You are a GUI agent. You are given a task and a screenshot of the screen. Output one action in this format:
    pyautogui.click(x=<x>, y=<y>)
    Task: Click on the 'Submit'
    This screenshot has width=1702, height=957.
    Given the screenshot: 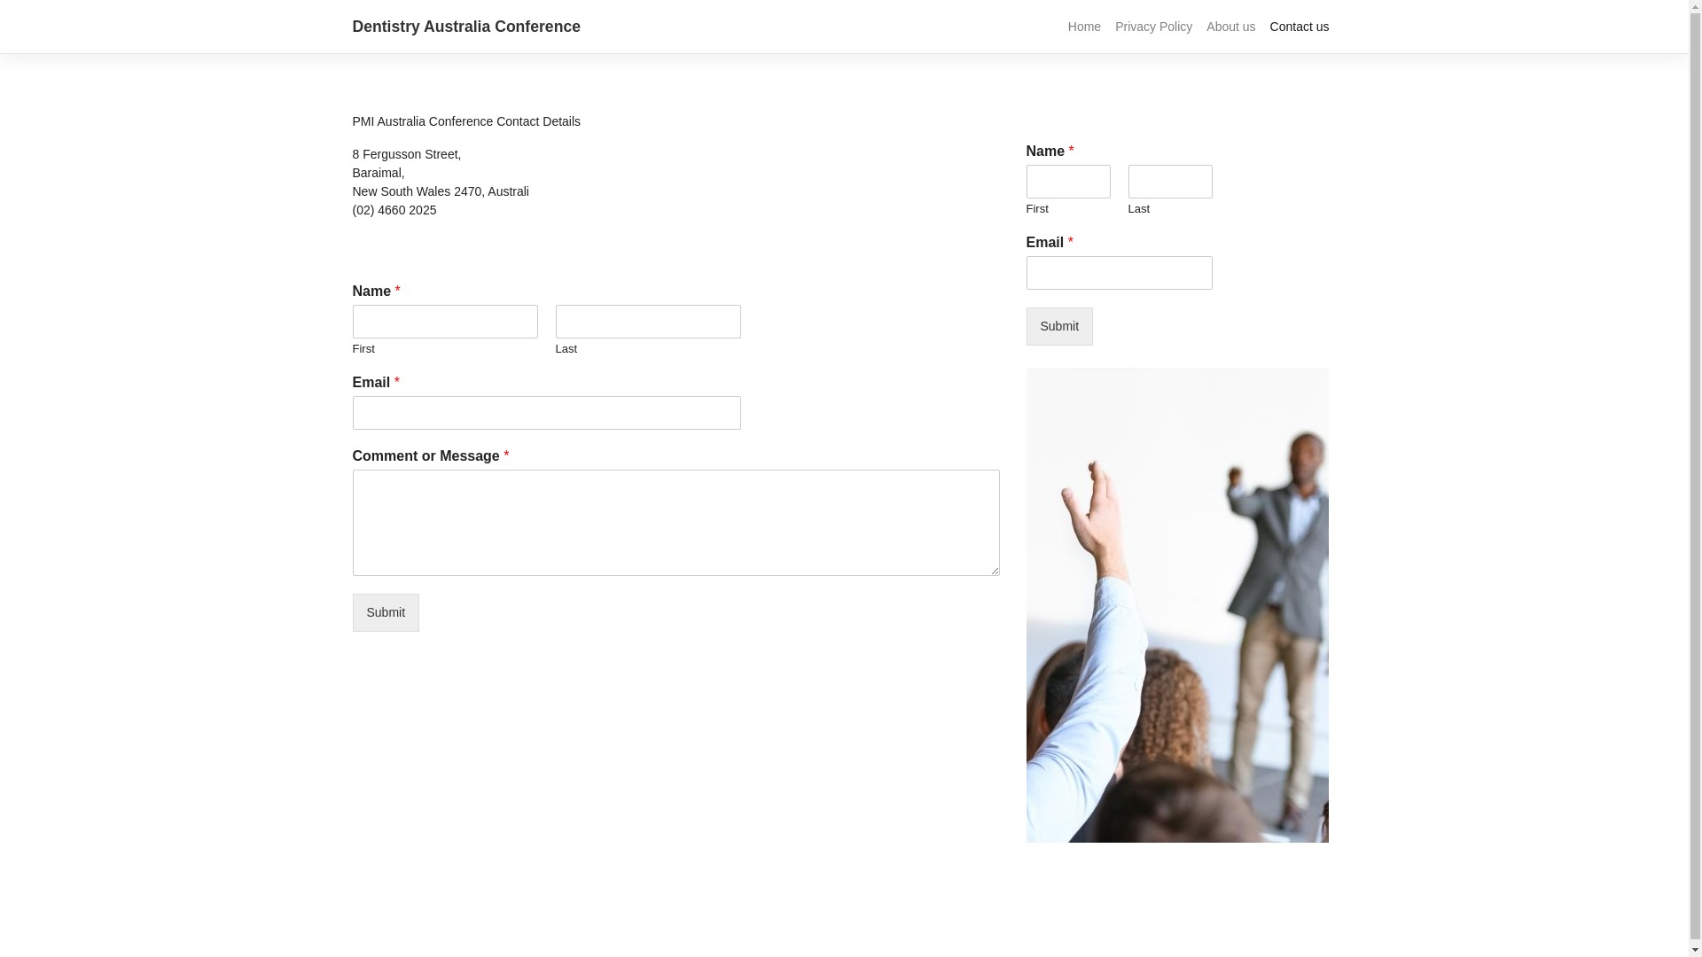 What is the action you would take?
    pyautogui.click(x=1026, y=326)
    